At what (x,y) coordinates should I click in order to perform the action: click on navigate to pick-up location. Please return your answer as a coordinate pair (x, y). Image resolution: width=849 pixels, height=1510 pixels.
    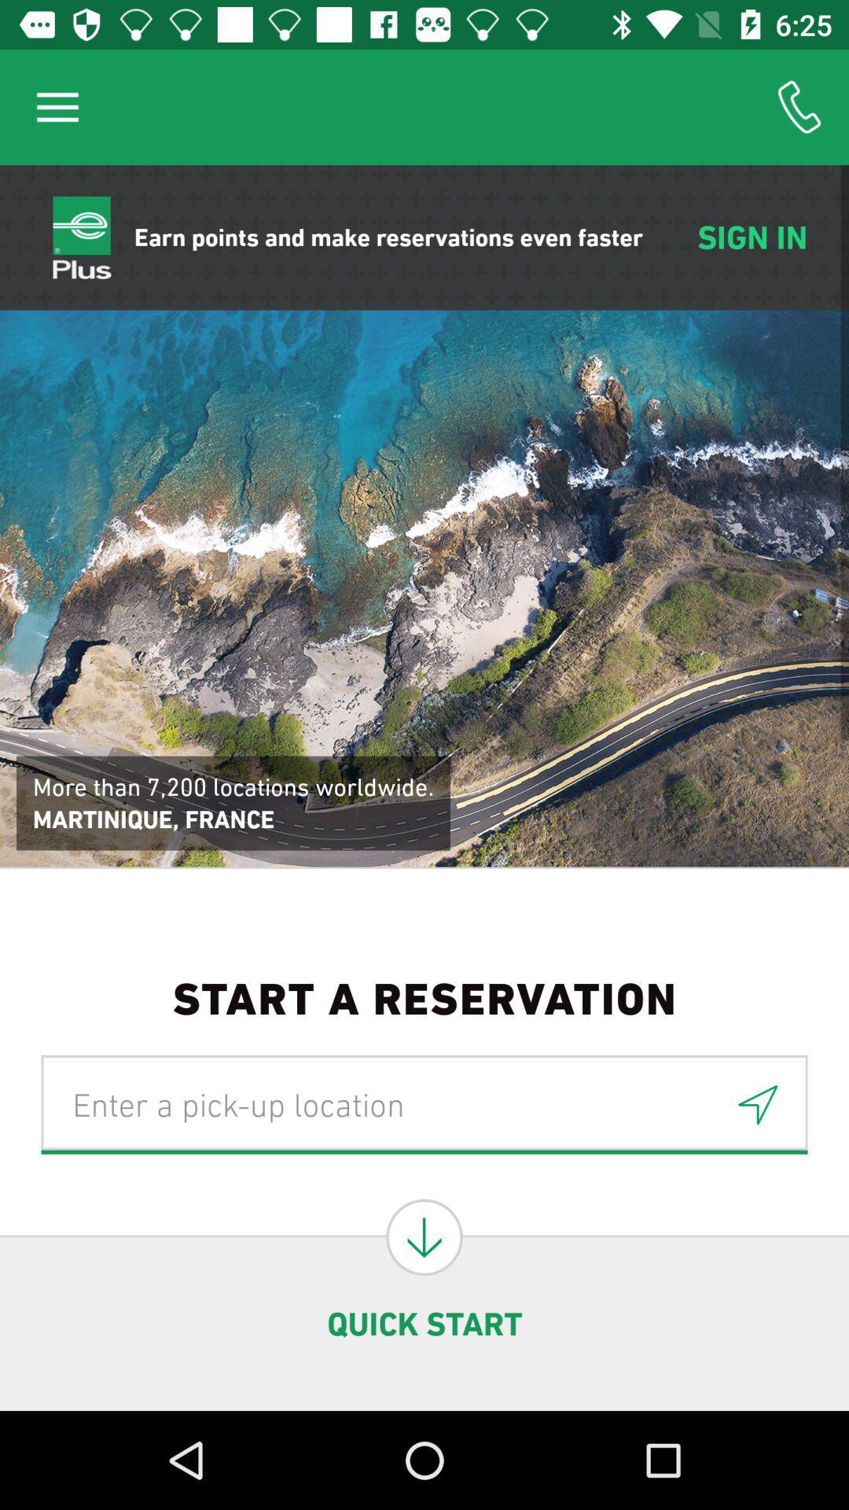
    Looking at the image, I should click on (424, 1103).